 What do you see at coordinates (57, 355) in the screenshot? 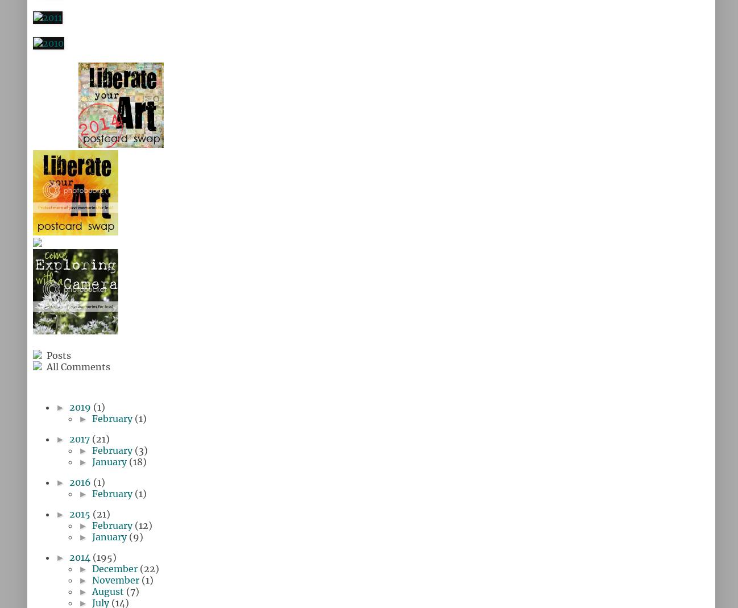
I see `'Posts'` at bounding box center [57, 355].